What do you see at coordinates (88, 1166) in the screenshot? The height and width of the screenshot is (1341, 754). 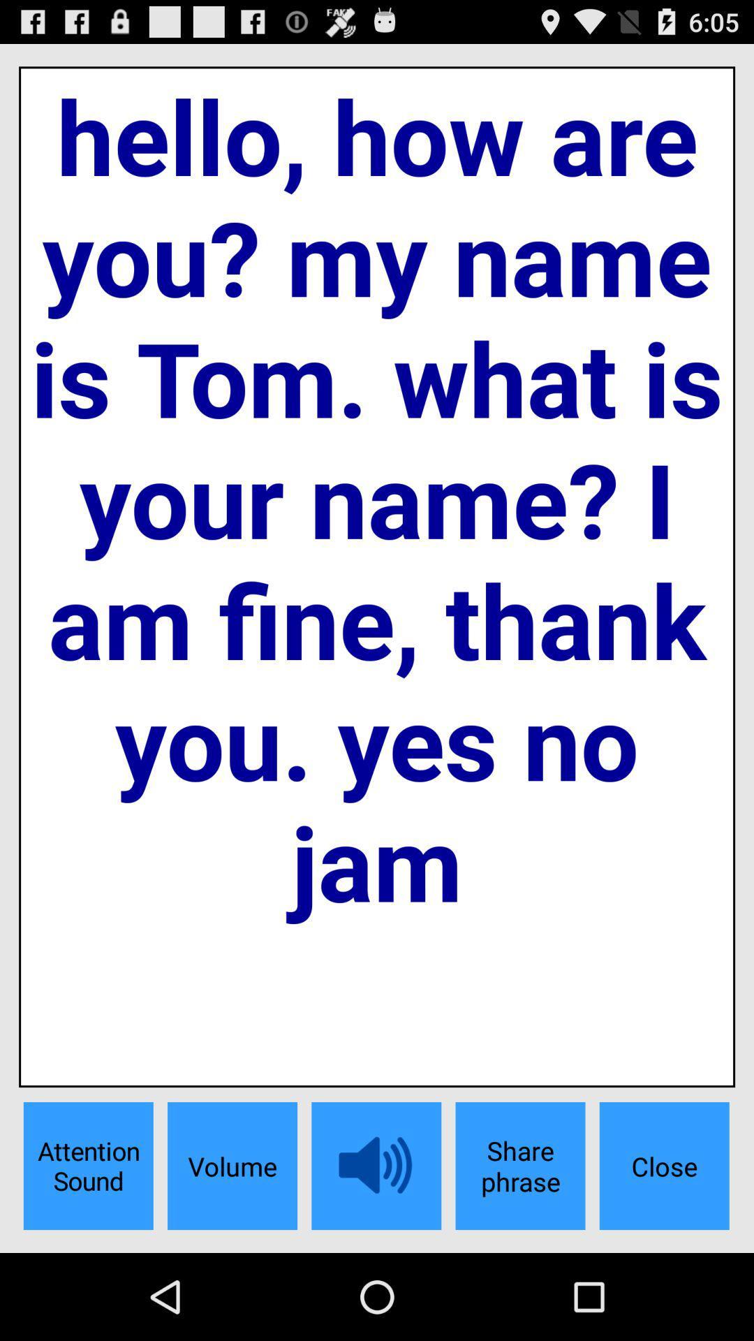 I see `attention sound item` at bounding box center [88, 1166].